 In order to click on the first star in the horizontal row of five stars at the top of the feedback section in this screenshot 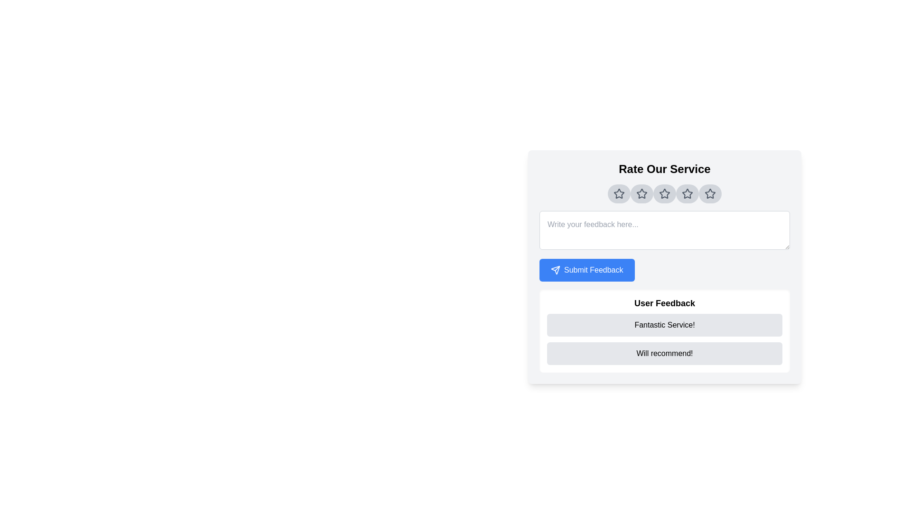, I will do `click(619, 193)`.